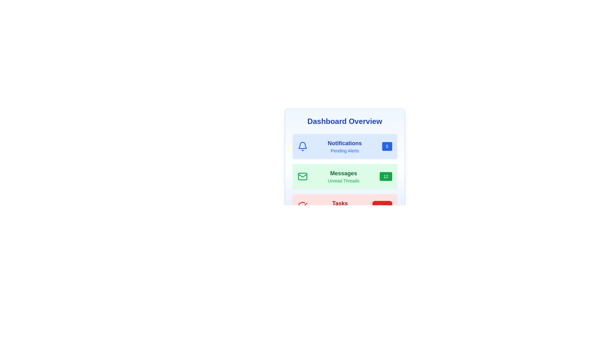 The width and height of the screenshot is (601, 338). Describe the element at coordinates (343, 181) in the screenshot. I see `status of unread threads displayed in the static text located directly underneath the 'Messages' label on the green section of the 'Messages' card` at that location.